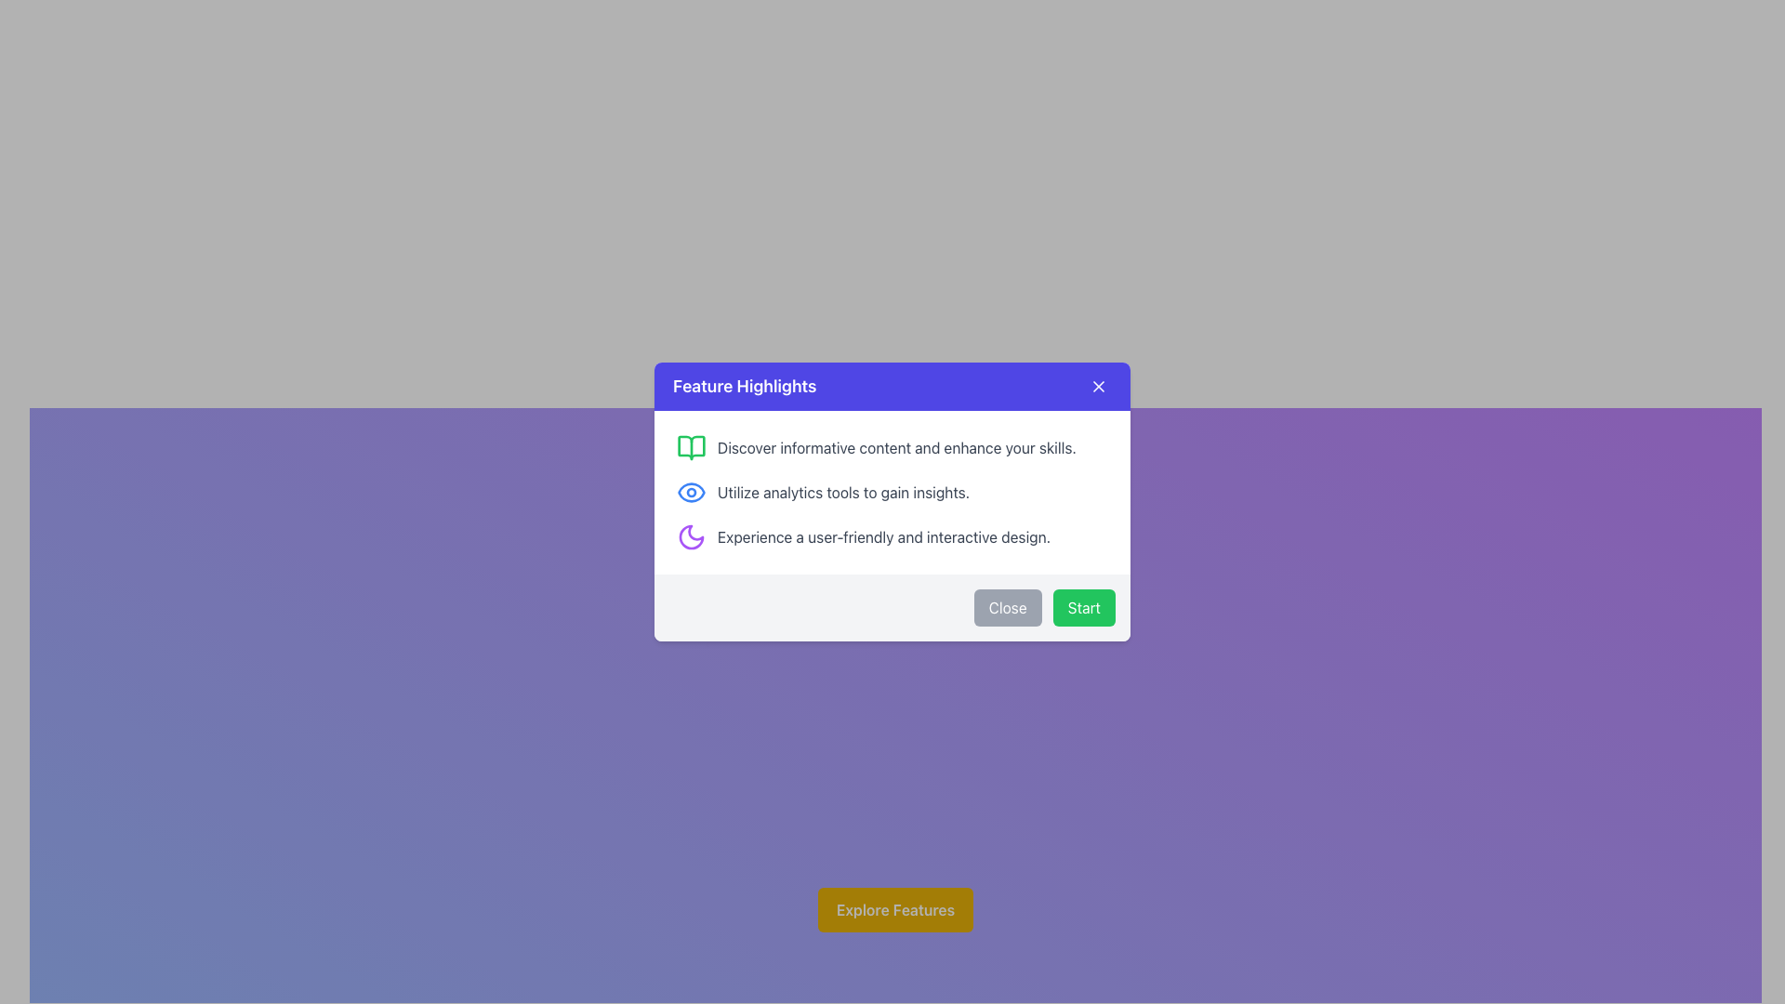 The height and width of the screenshot is (1004, 1785). Describe the element at coordinates (892, 491) in the screenshot. I see `the central area of the informational content block within the 'Feature Highlights' modal dialog to understand the features it presents` at that location.